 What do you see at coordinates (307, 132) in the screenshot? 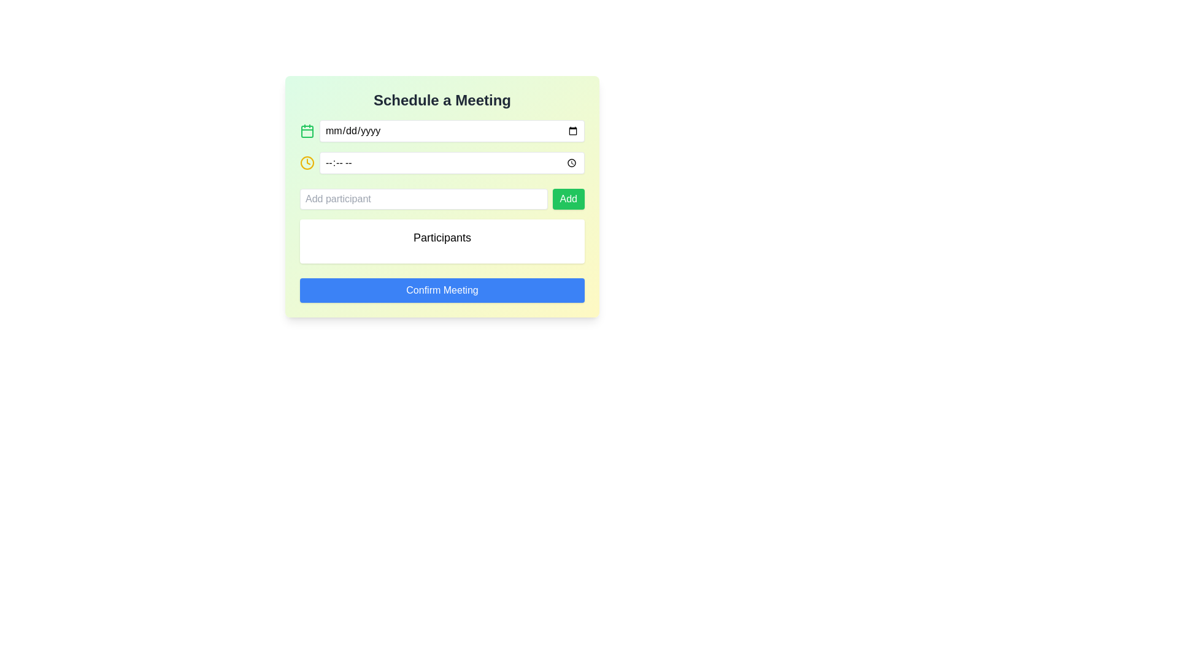
I see `the SVG rectangle component that is part of the calendar icon located to the left of the date input field, positioned at the top of the scheduling interface` at bounding box center [307, 132].